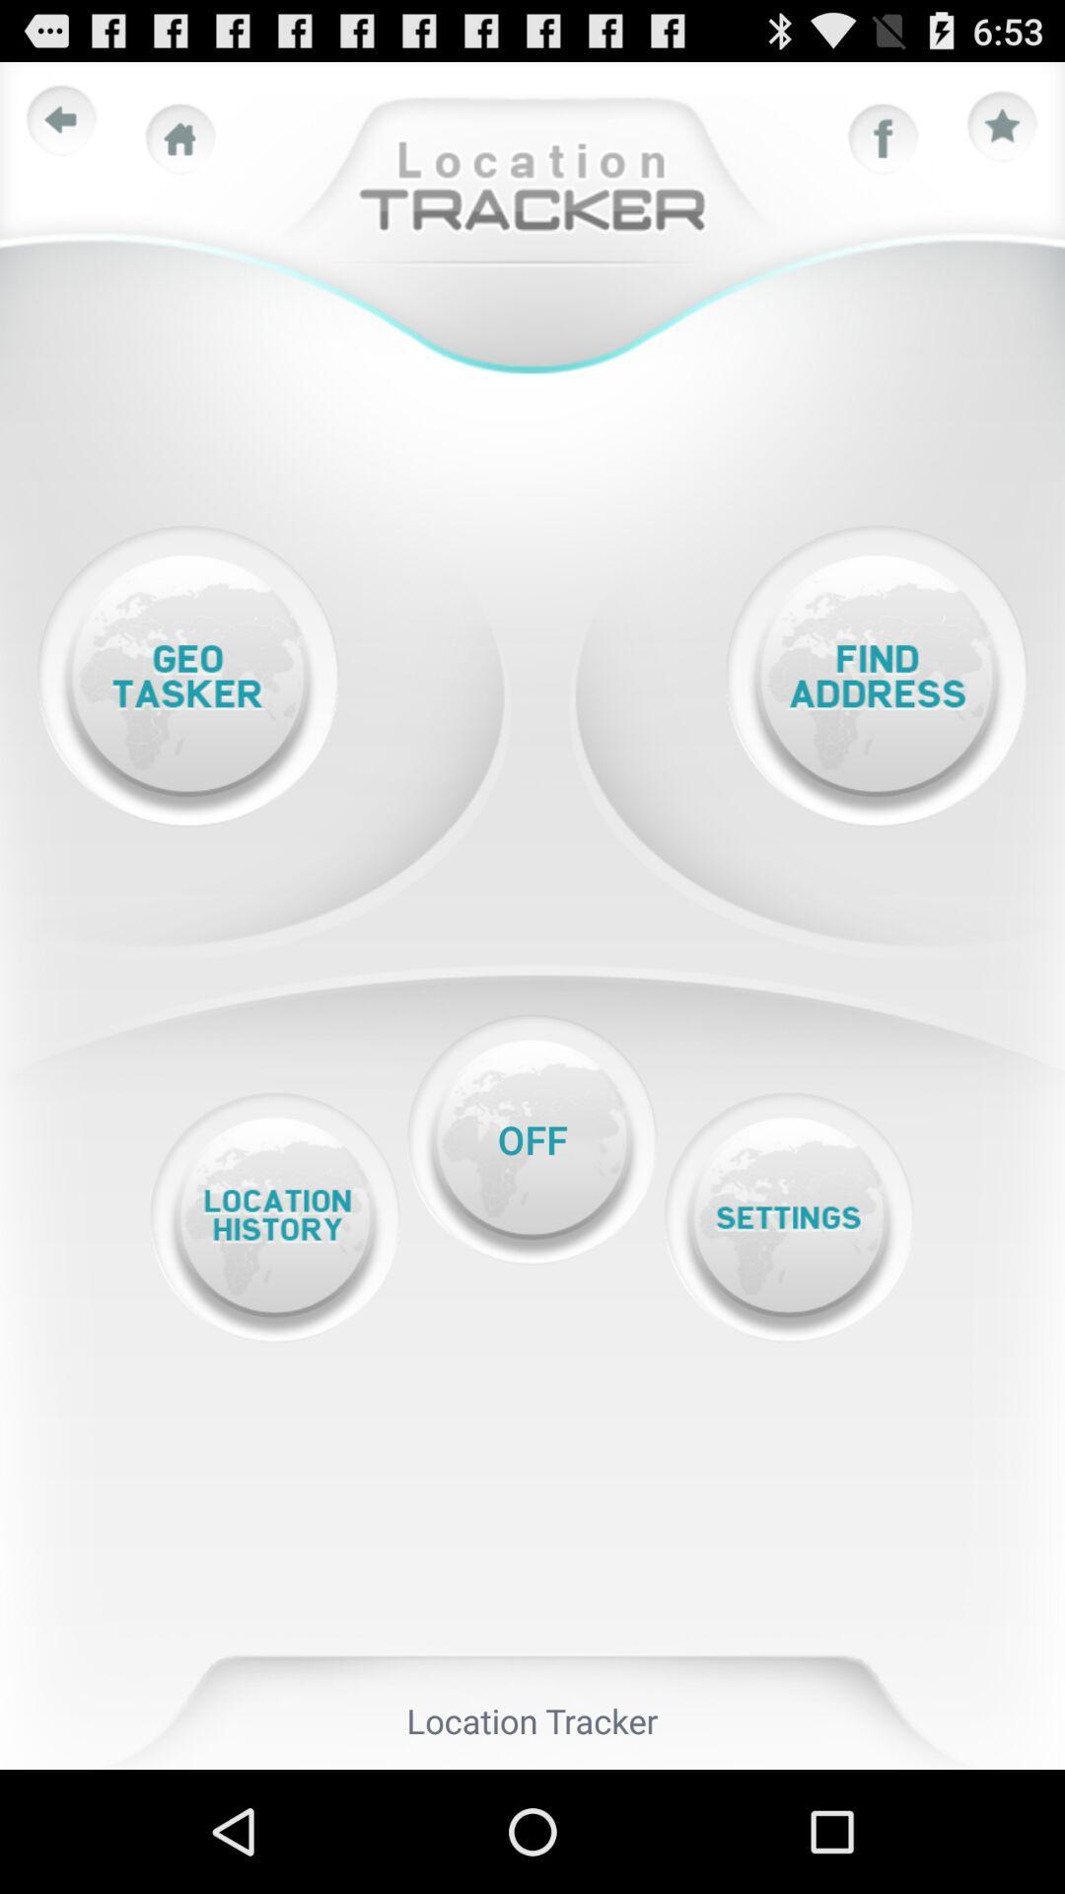  Describe the element at coordinates (883, 138) in the screenshot. I see `facebook option` at that location.